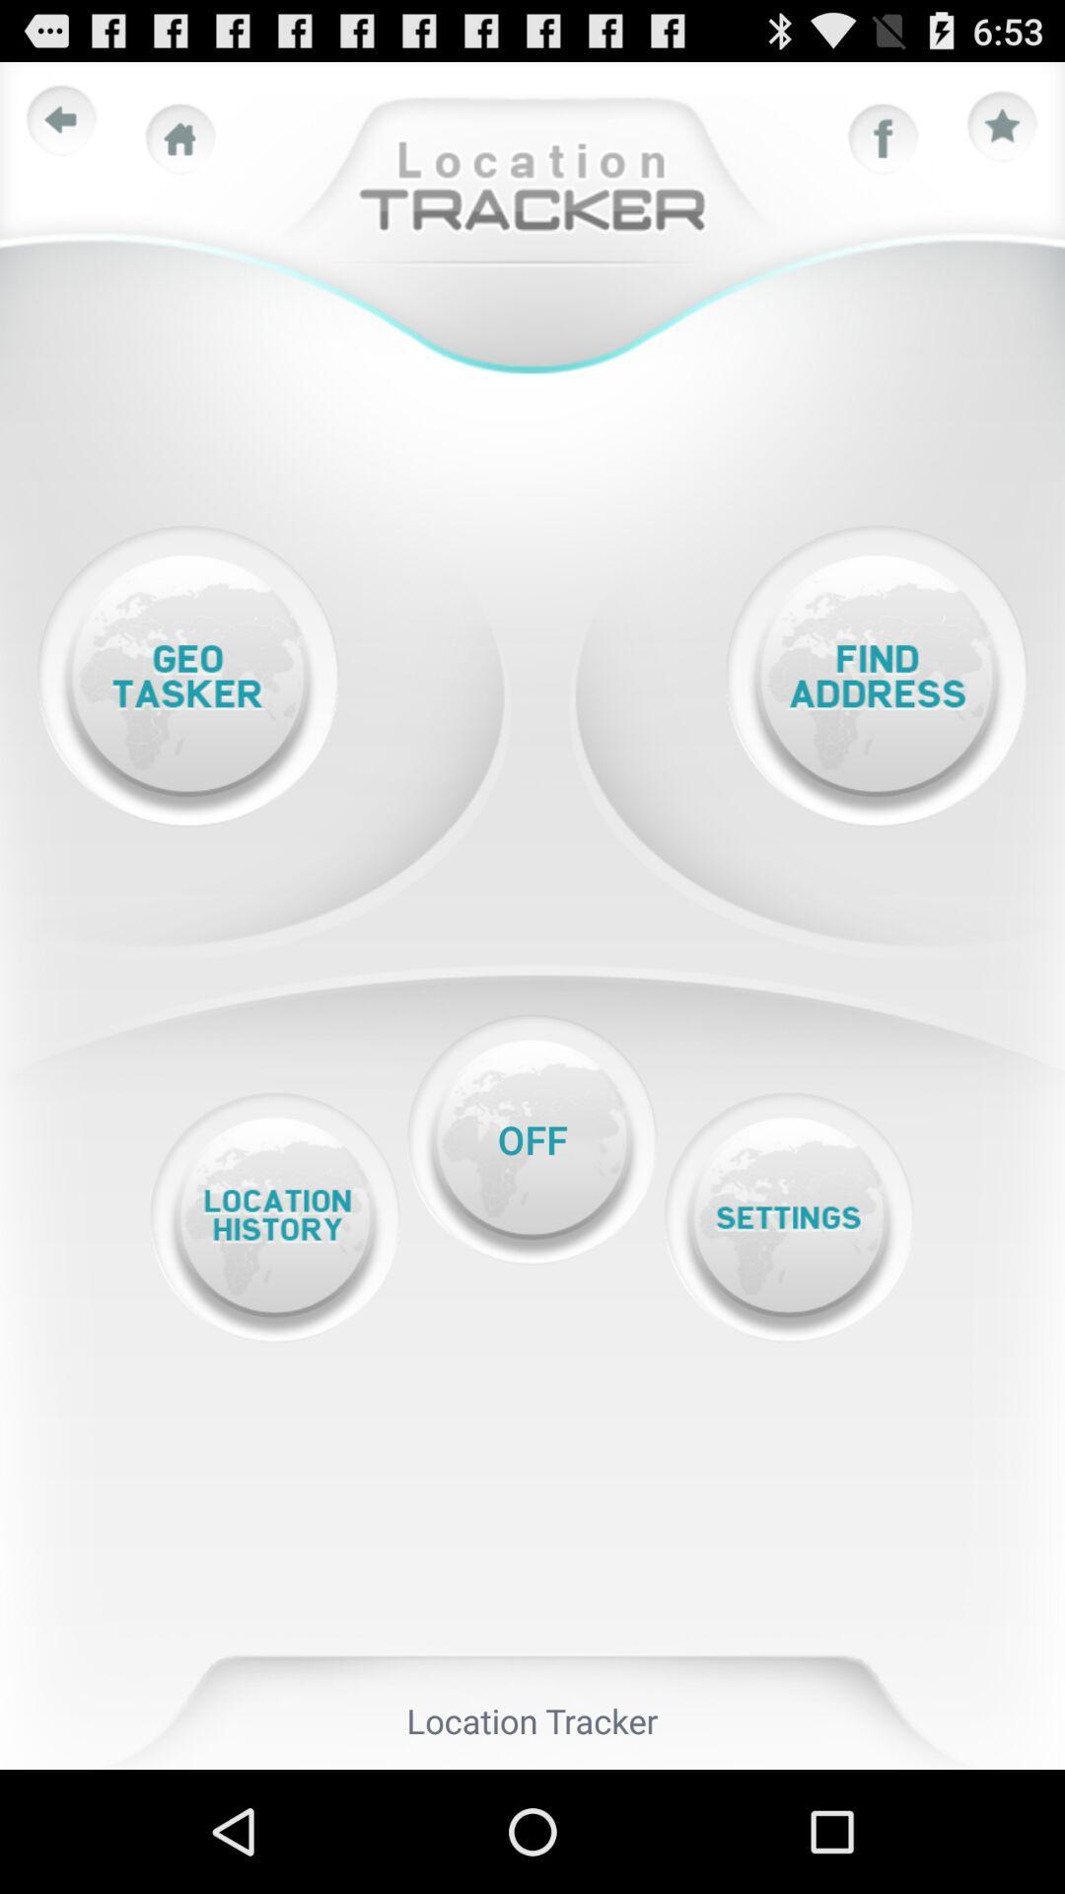  Describe the element at coordinates (883, 138) in the screenshot. I see `facebook option` at that location.